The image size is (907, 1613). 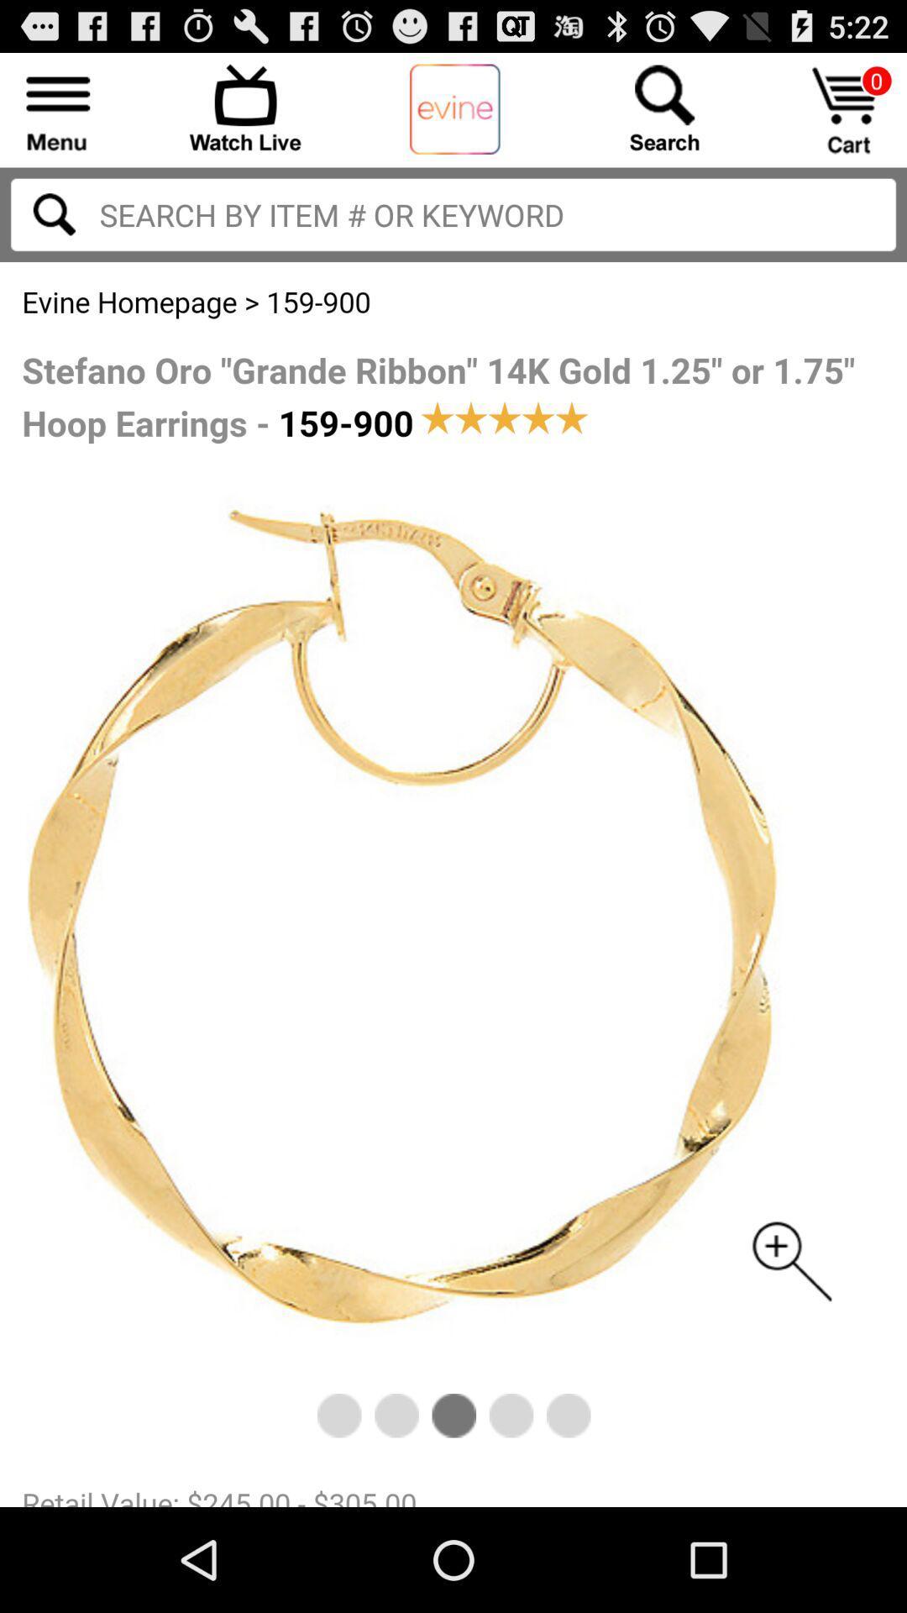 What do you see at coordinates (453, 883) in the screenshot?
I see `hoop earrings` at bounding box center [453, 883].